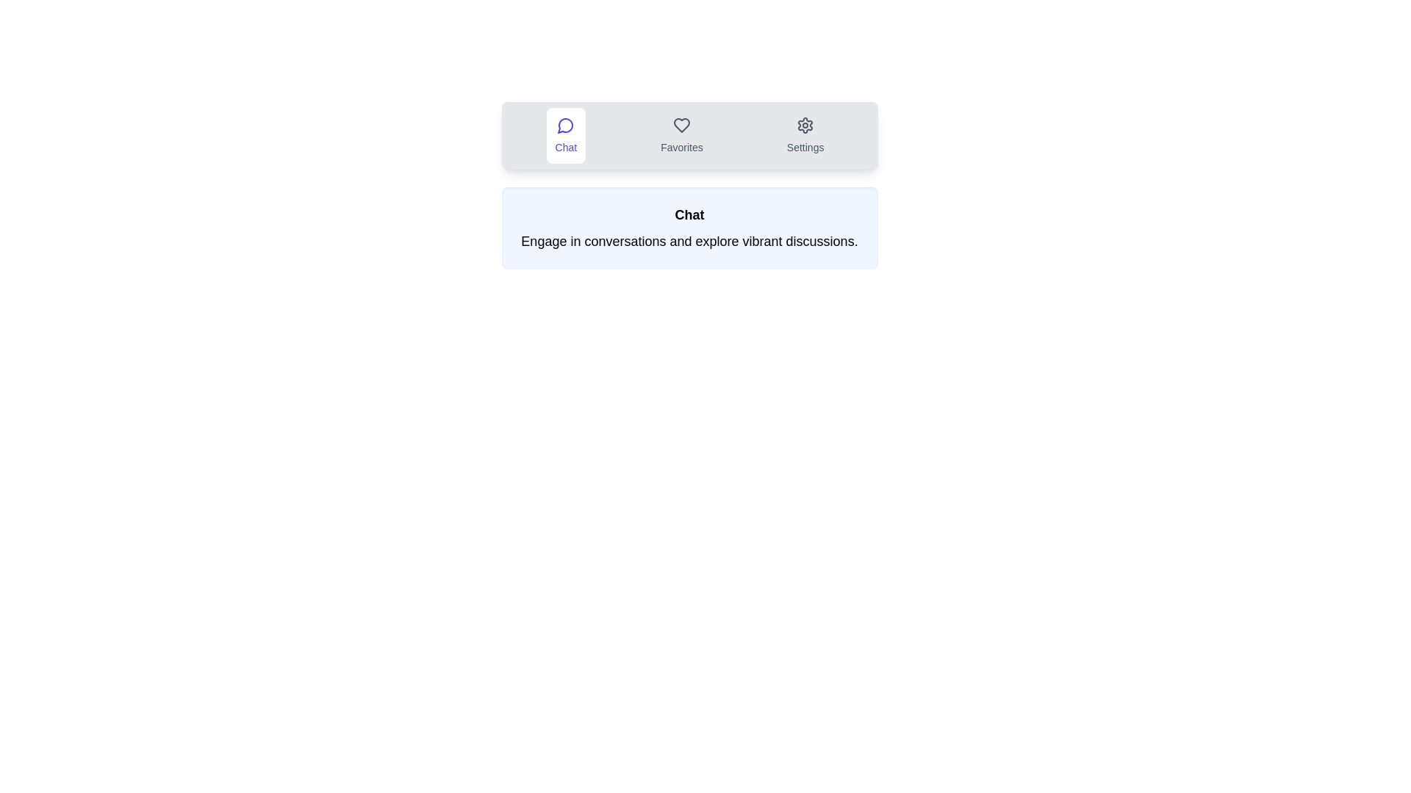 The image size is (1411, 793). Describe the element at coordinates (681, 136) in the screenshot. I see `the Favorites tab by clicking on its button` at that location.